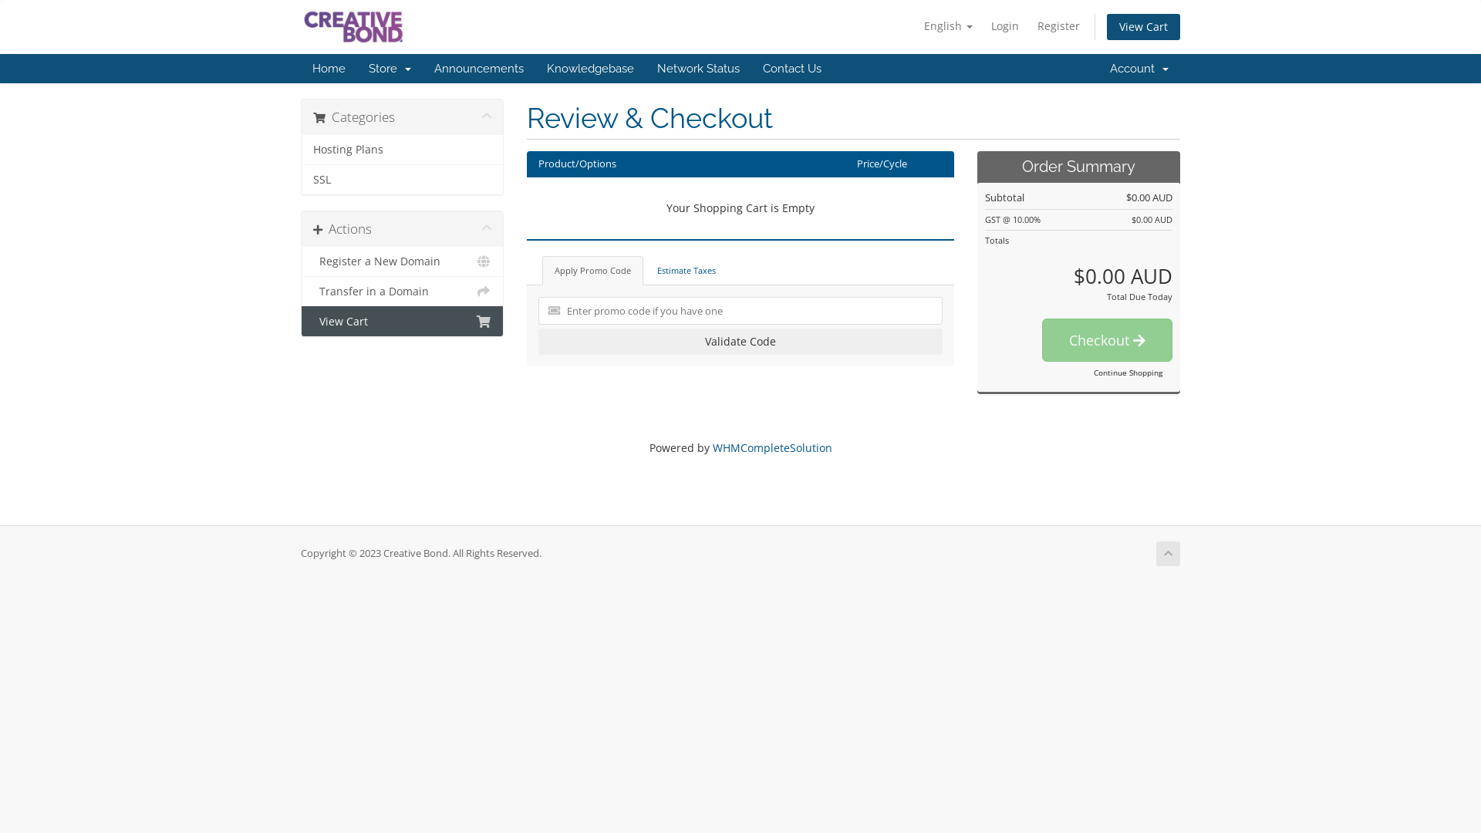  I want to click on 'English', so click(916, 26).